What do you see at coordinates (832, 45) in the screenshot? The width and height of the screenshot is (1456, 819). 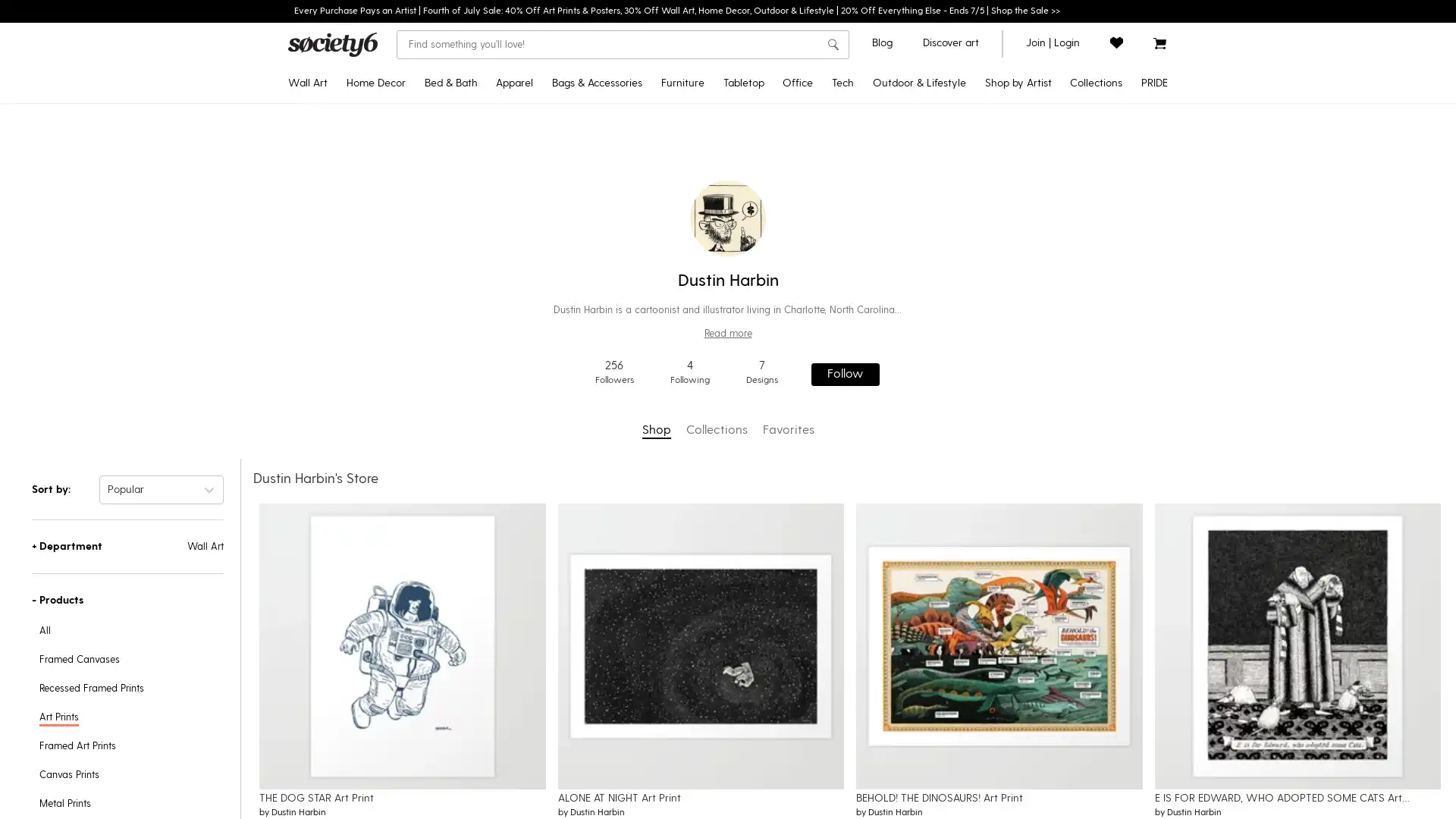 I see `search button` at bounding box center [832, 45].